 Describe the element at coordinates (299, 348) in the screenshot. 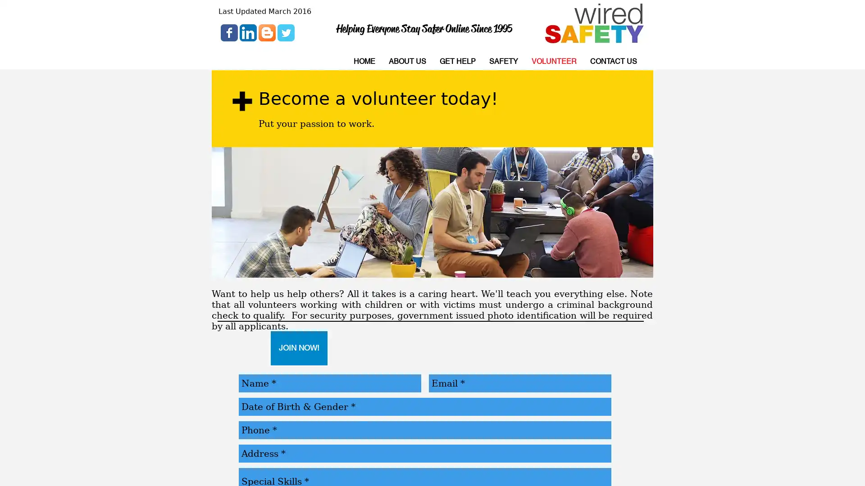

I see `JOIN NOW!` at that location.